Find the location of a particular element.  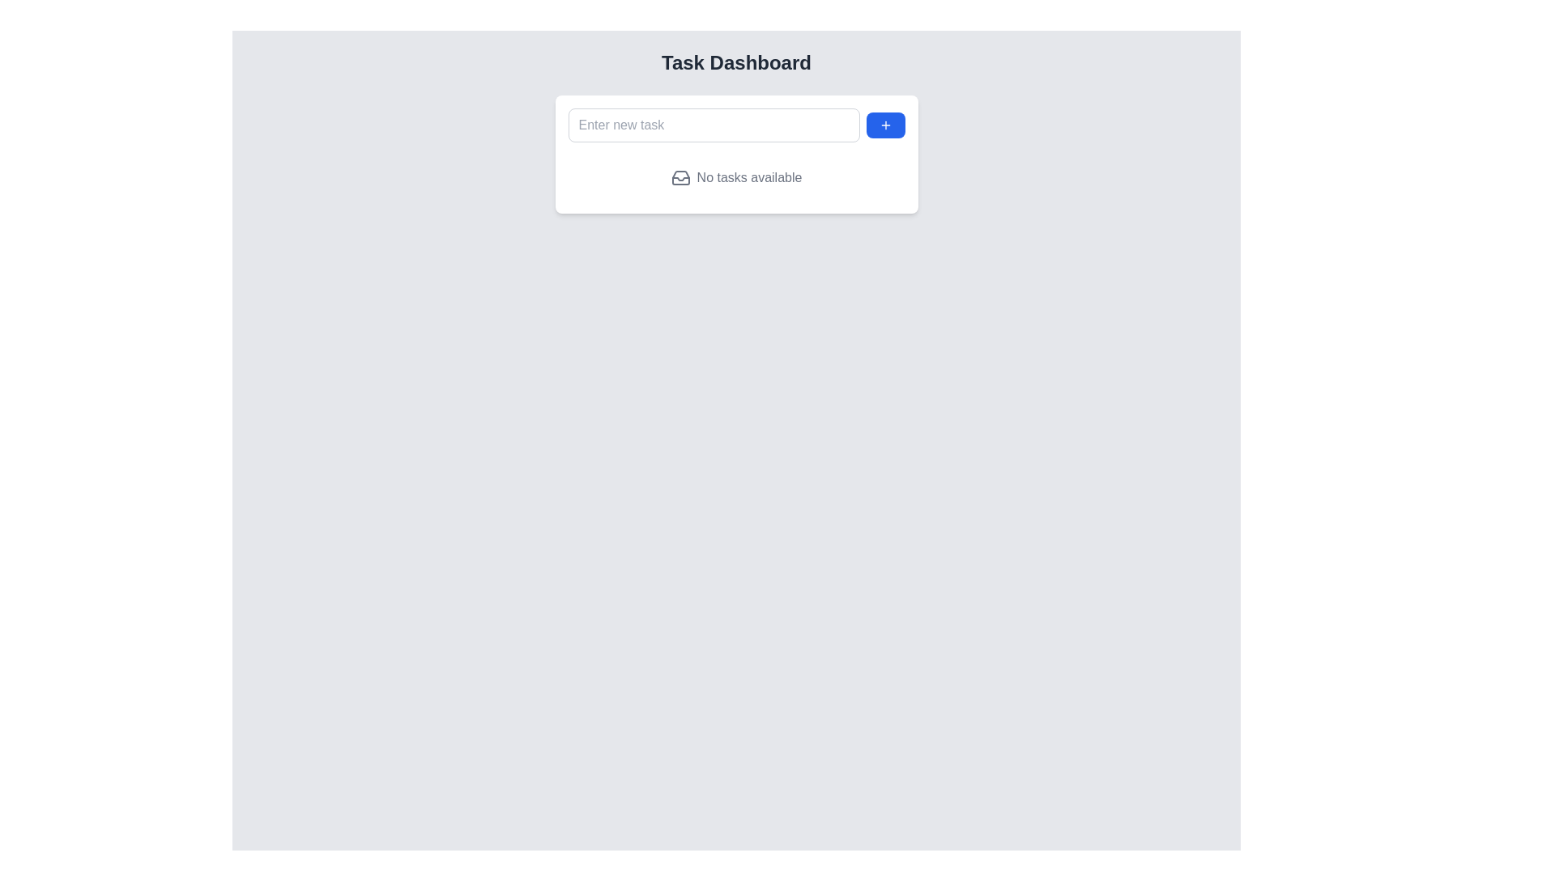

the 'Add Task' button located to the right of the 'Enter new task' input field in the 'Task Dashboard' panel is located at coordinates (884, 124).